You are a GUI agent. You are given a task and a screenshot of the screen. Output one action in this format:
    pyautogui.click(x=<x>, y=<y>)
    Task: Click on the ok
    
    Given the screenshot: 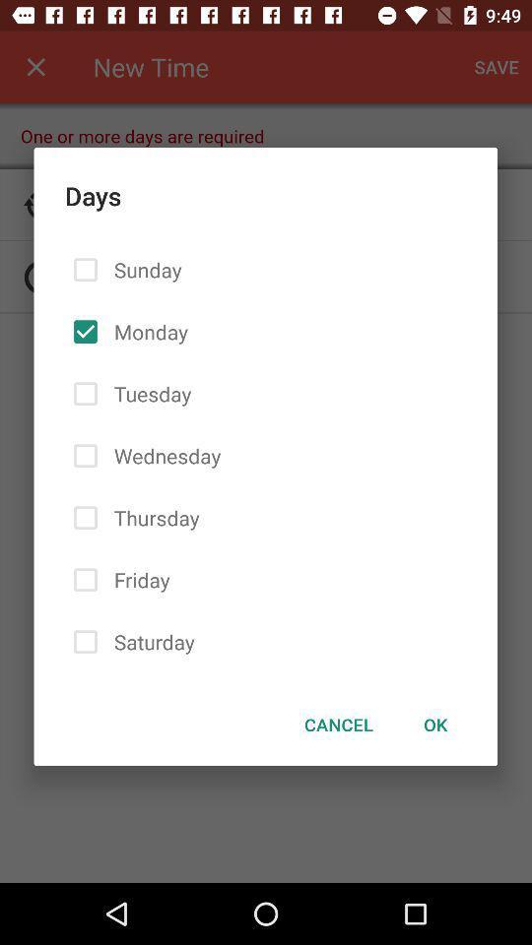 What is the action you would take?
    pyautogui.click(x=435, y=724)
    